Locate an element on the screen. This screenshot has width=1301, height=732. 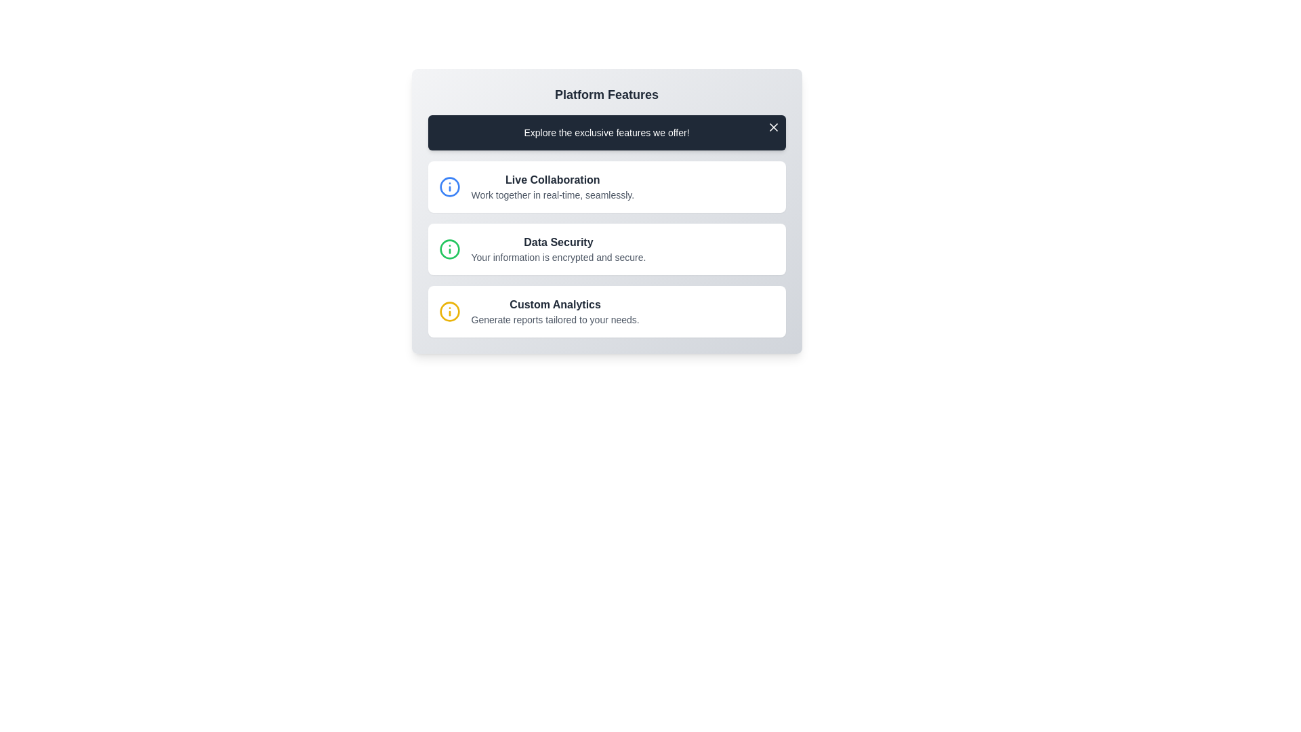
text element that reads 'Work together in real-time, seamlessly.' located under the 'Live Collaboration' heading is located at coordinates (552, 195).